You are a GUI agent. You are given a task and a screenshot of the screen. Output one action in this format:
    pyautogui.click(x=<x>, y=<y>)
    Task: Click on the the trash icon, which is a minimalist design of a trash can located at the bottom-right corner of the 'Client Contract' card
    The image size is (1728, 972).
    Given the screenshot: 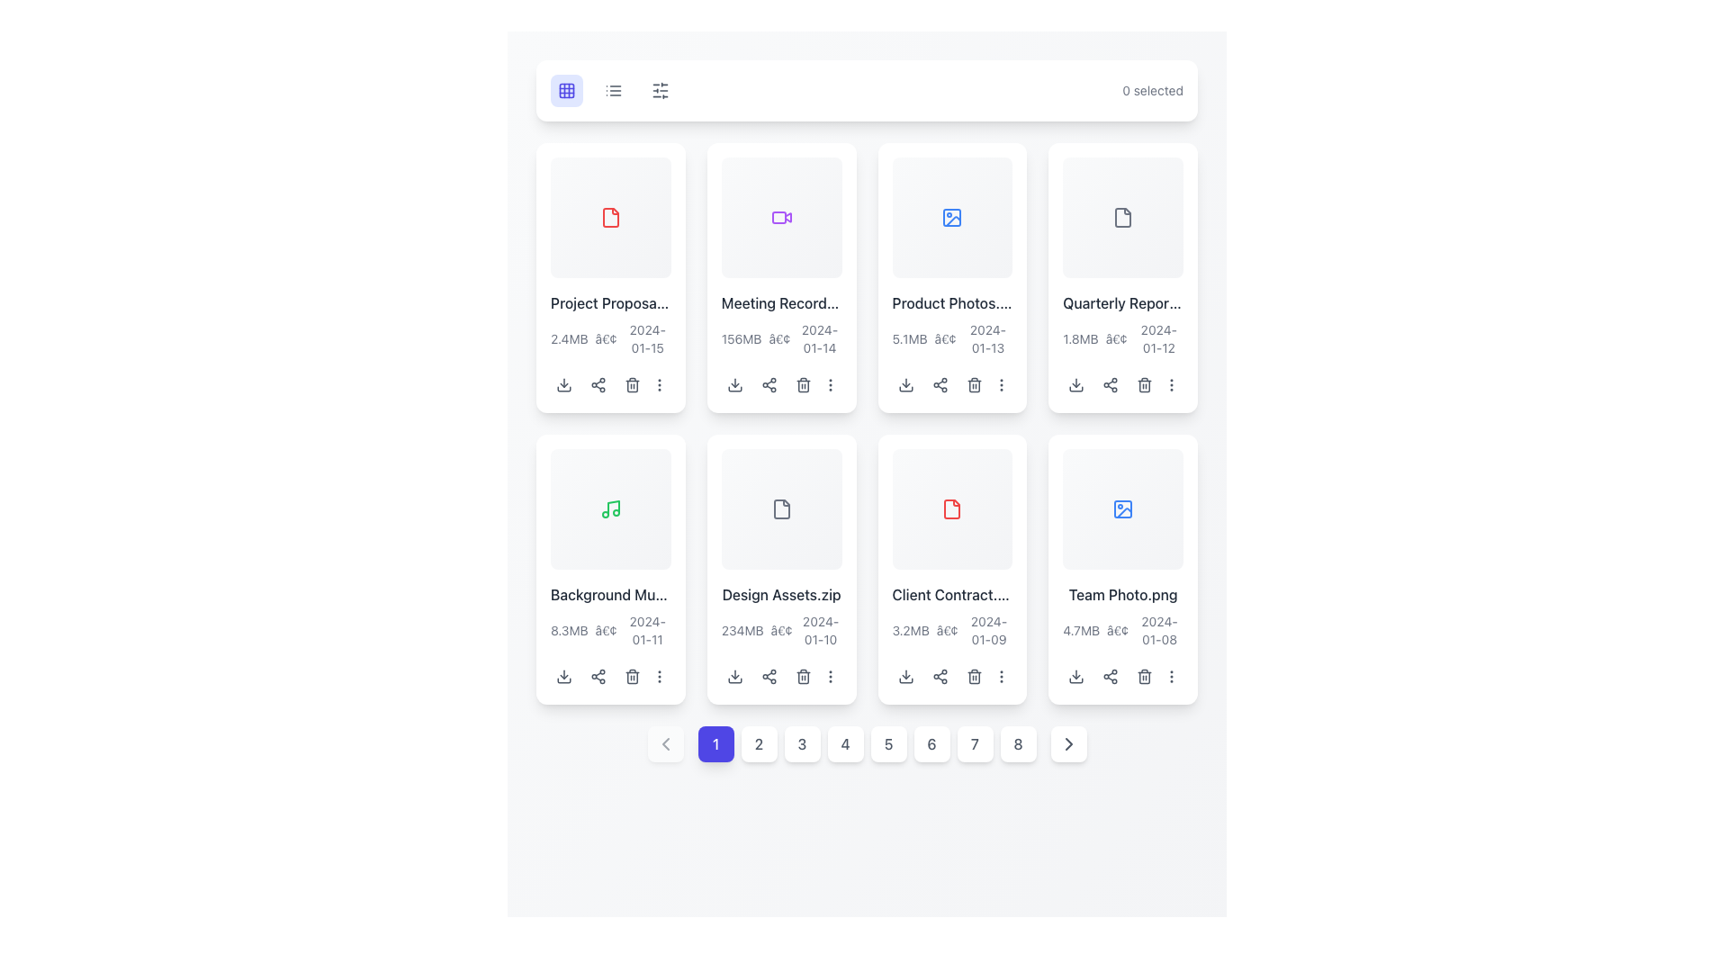 What is the action you would take?
    pyautogui.click(x=973, y=676)
    